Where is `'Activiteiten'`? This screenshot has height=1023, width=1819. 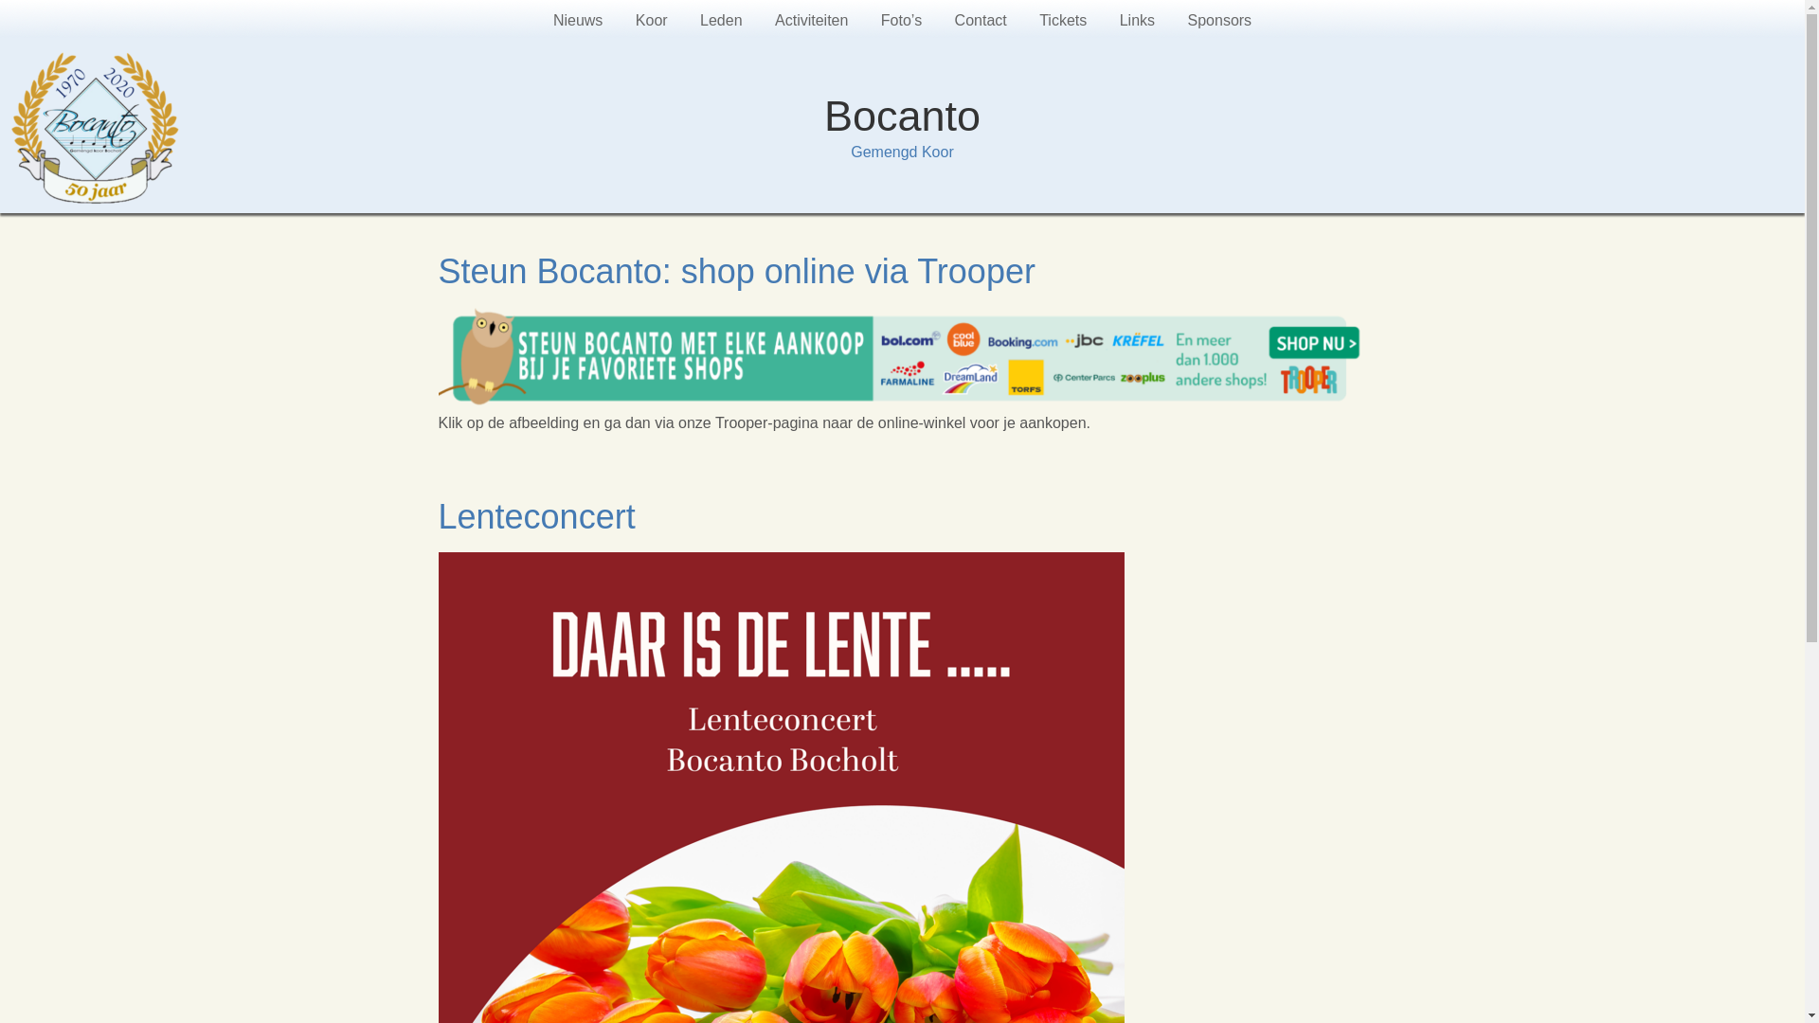
'Activiteiten' is located at coordinates (811, 21).